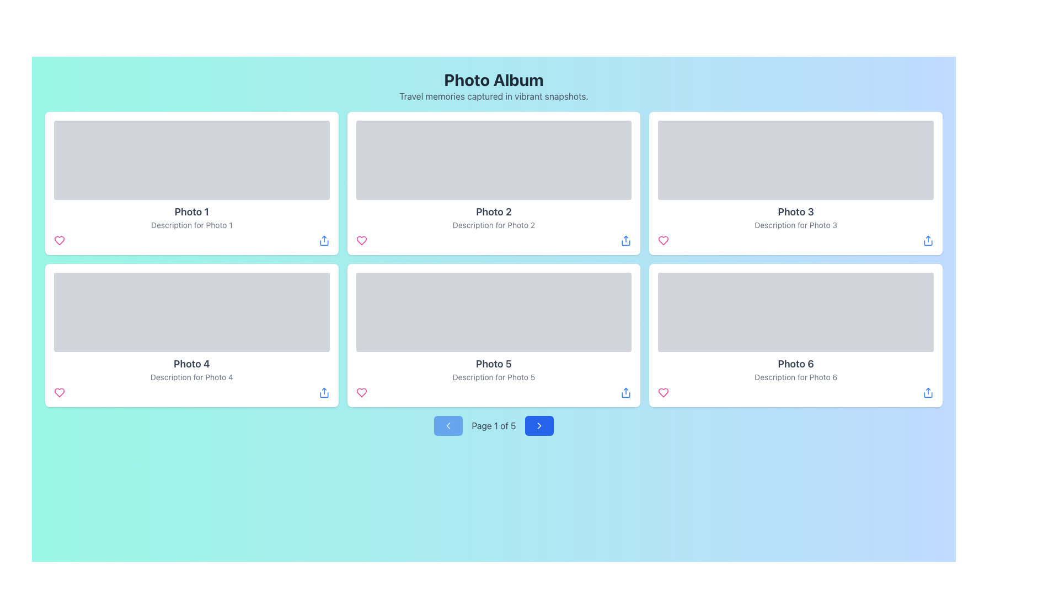 This screenshot has width=1059, height=595. I want to click on the main title of the page, which is positioned at the top of the application layout above the subtitle 'Travel memories captured in vibrant snapshots.', so click(493, 79).